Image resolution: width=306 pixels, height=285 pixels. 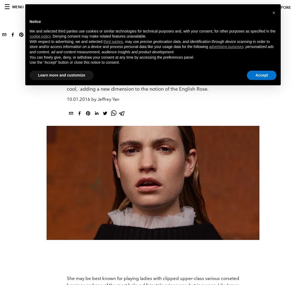 I want to click on 'We and selected third parties use cookies or similar technologies for technical purposes and, with your consent, for other purposes as specified in the', so click(x=152, y=31).